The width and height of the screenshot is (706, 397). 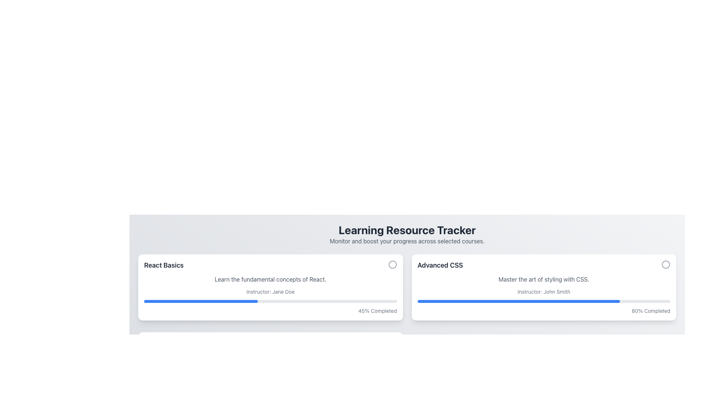 I want to click on the non-interactive text label that informs users about the instructor for the 'Advanced CSS' course, located within the course card, so click(x=544, y=292).